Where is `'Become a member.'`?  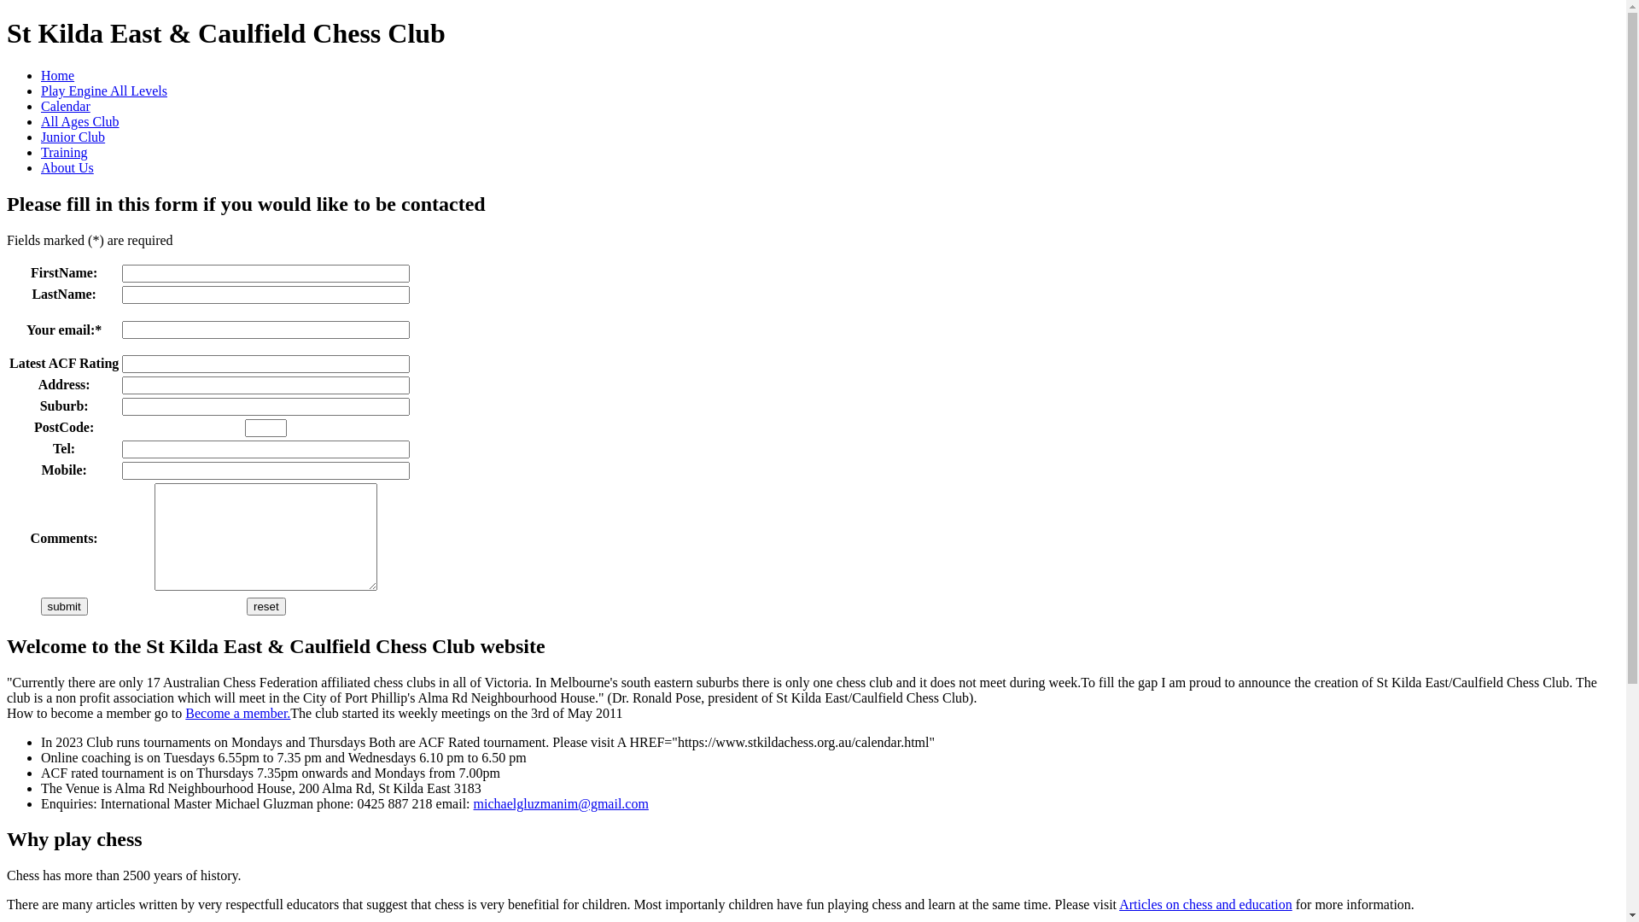
'Become a member.' is located at coordinates (184, 712).